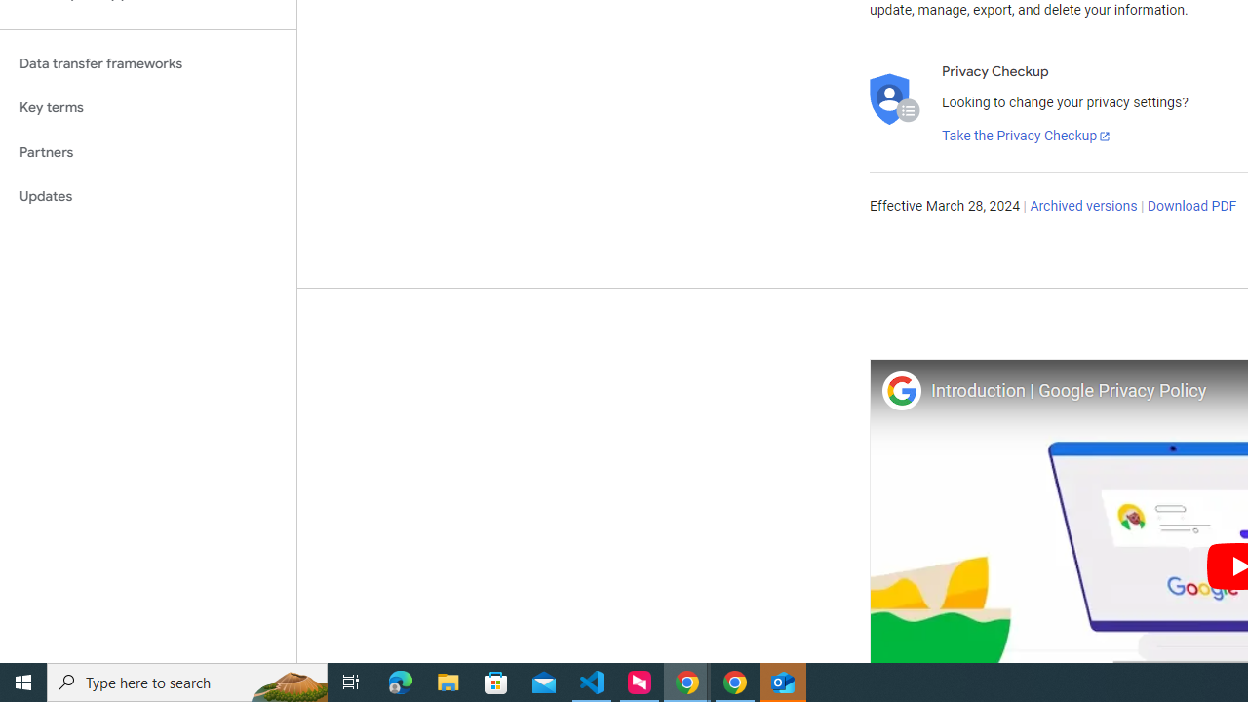 This screenshot has height=702, width=1248. Describe the element at coordinates (900, 390) in the screenshot. I see `'Photo image of Google'` at that location.